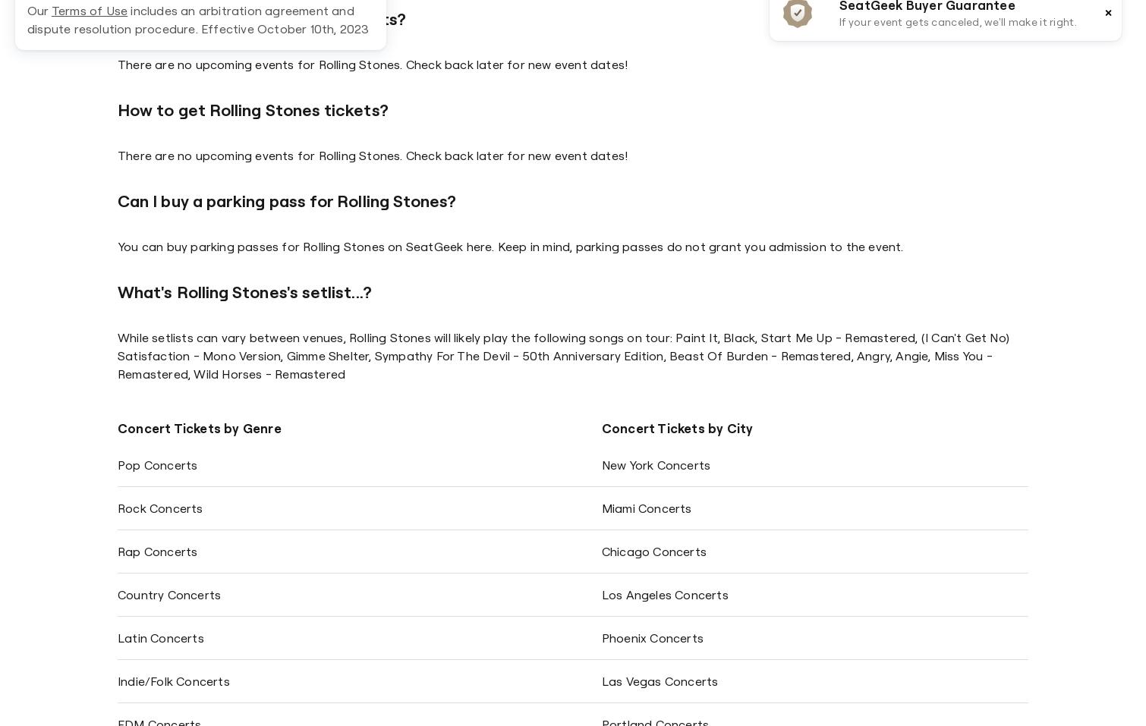 The image size is (1146, 726). Describe the element at coordinates (233, 337) in the screenshot. I see `'While setlists can vary between venues,'` at that location.